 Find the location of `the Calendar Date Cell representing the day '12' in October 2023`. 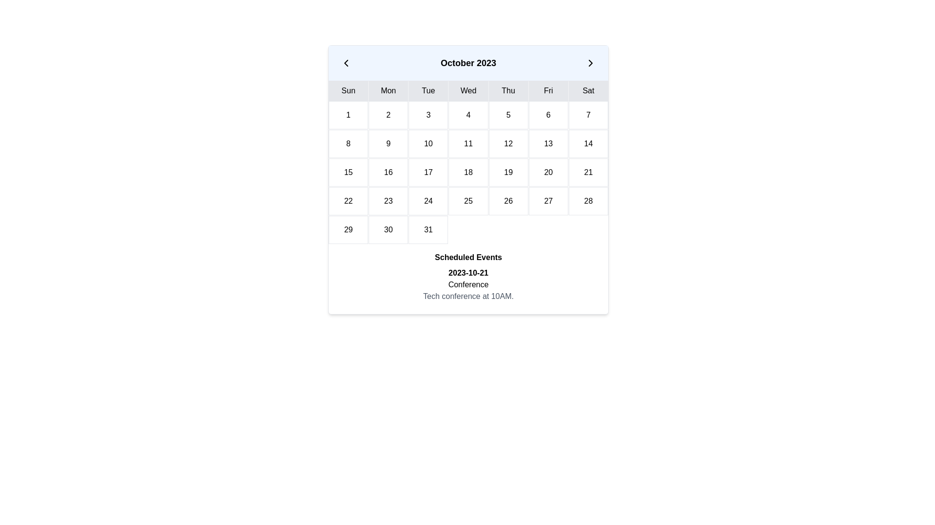

the Calendar Date Cell representing the day '12' in October 2023 is located at coordinates (508, 144).